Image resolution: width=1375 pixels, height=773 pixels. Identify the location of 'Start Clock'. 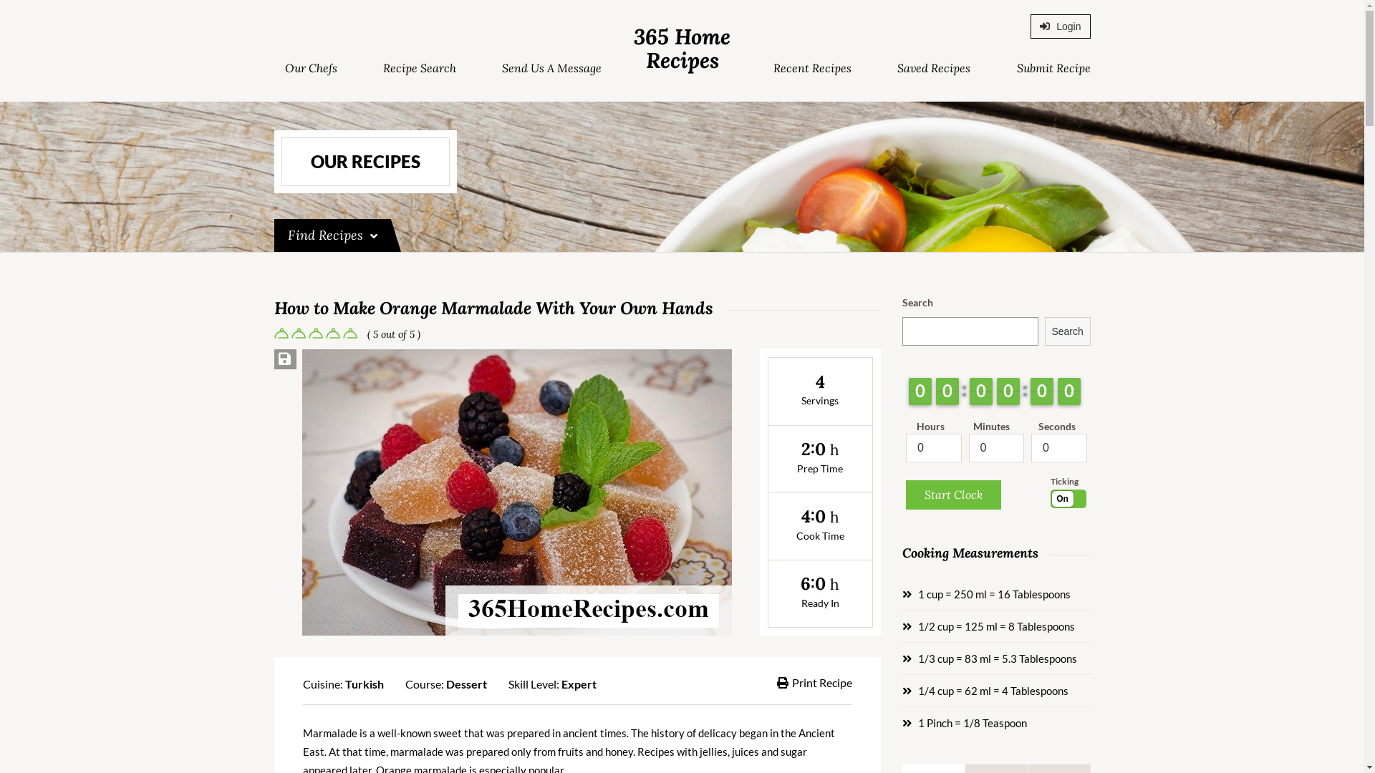
(953, 494).